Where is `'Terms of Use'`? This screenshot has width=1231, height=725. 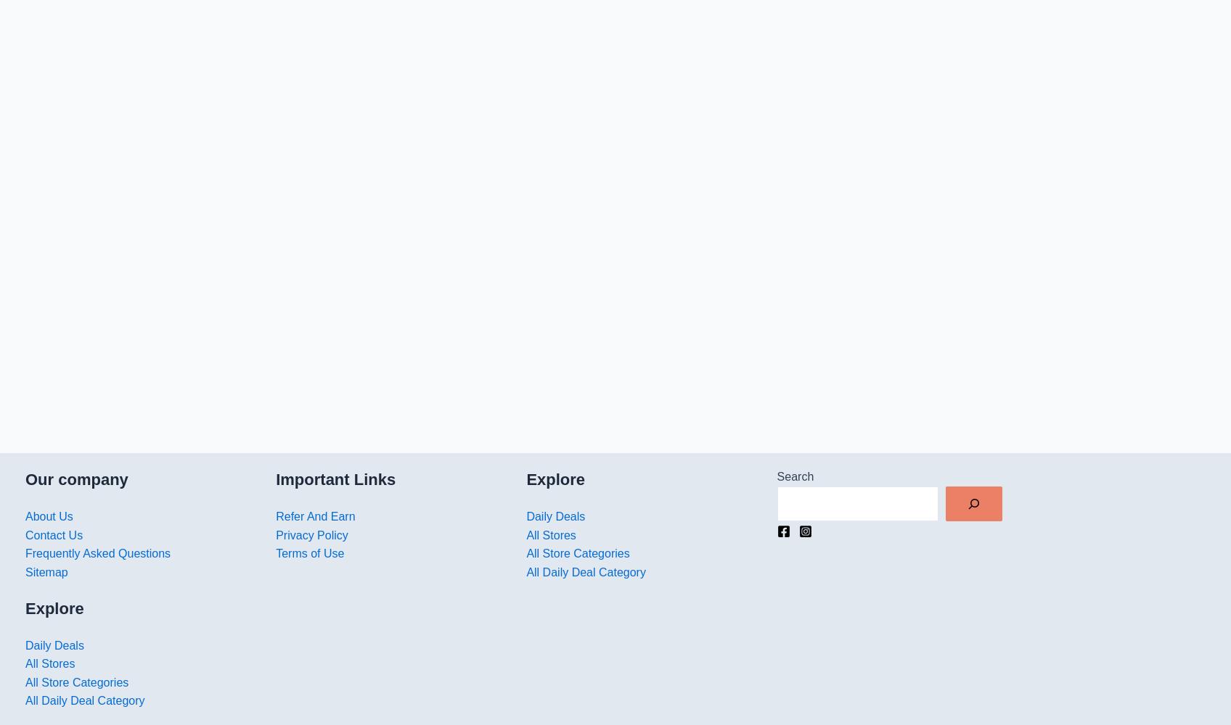
'Terms of Use' is located at coordinates (310, 553).